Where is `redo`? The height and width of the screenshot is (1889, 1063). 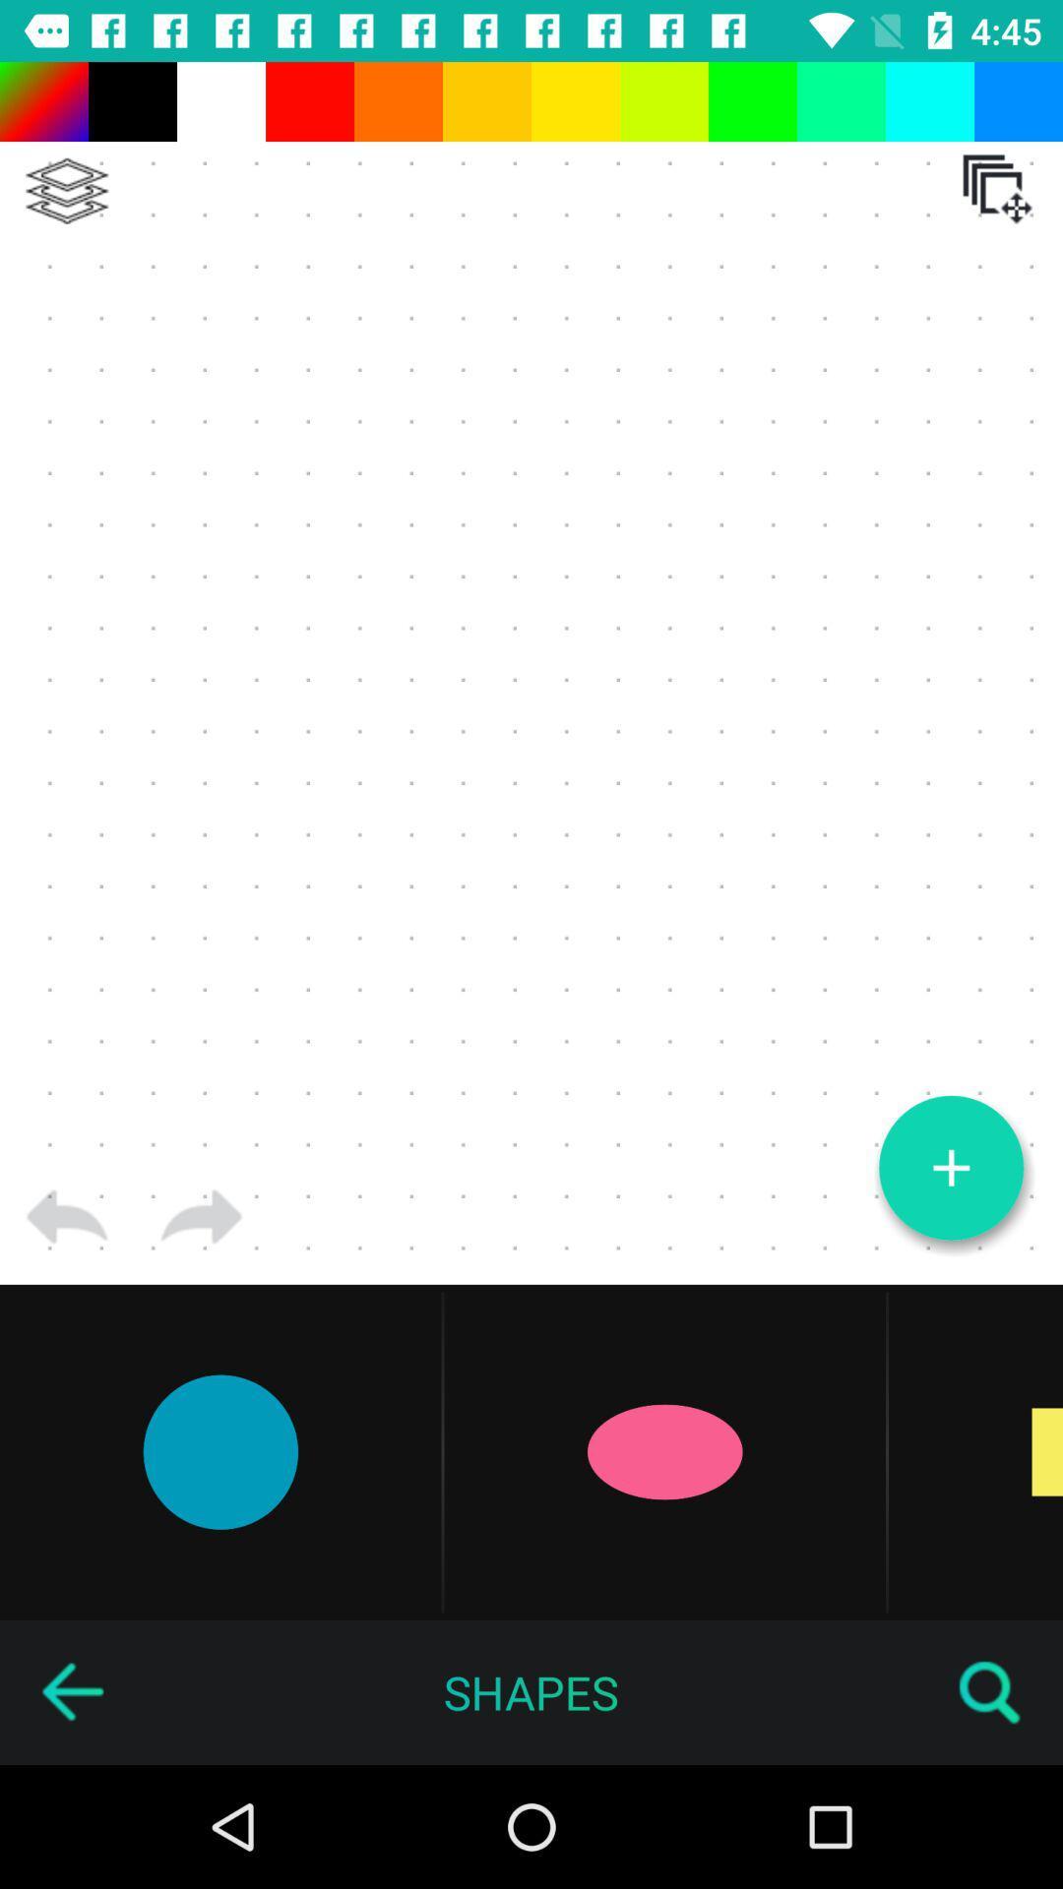 redo is located at coordinates (201, 1216).